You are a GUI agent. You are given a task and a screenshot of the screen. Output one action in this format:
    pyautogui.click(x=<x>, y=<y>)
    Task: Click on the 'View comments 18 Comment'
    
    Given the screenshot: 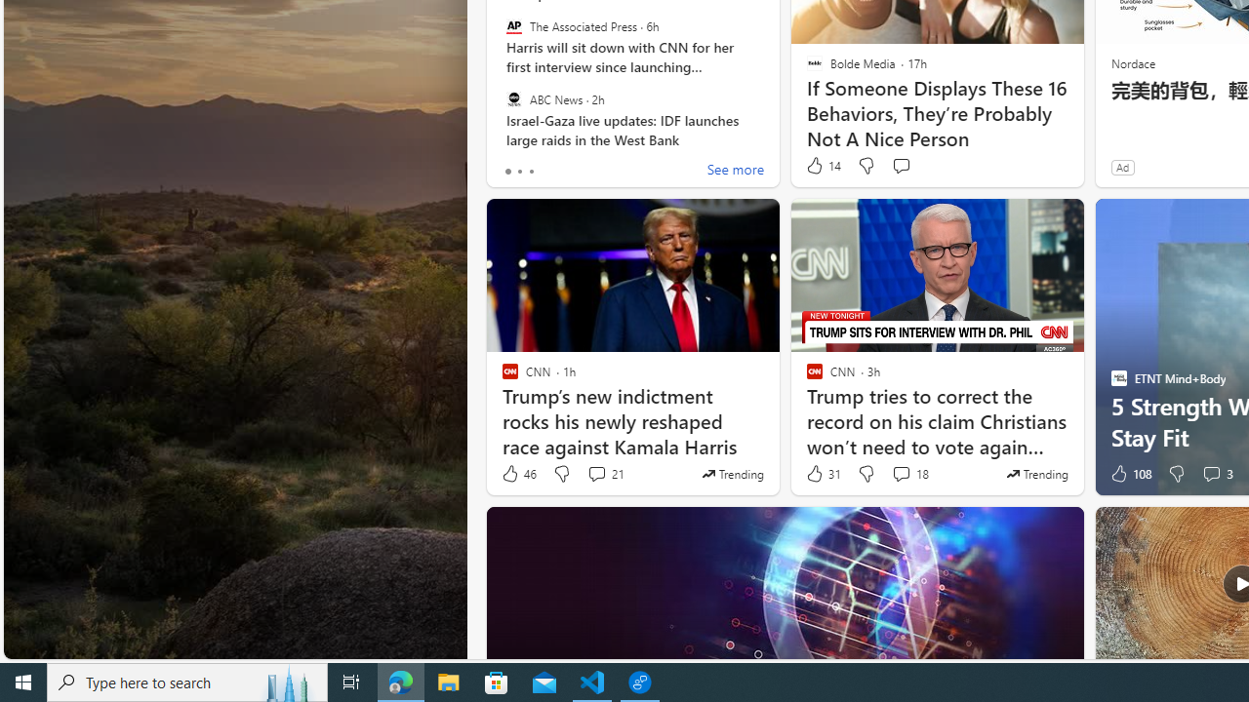 What is the action you would take?
    pyautogui.click(x=900, y=474)
    